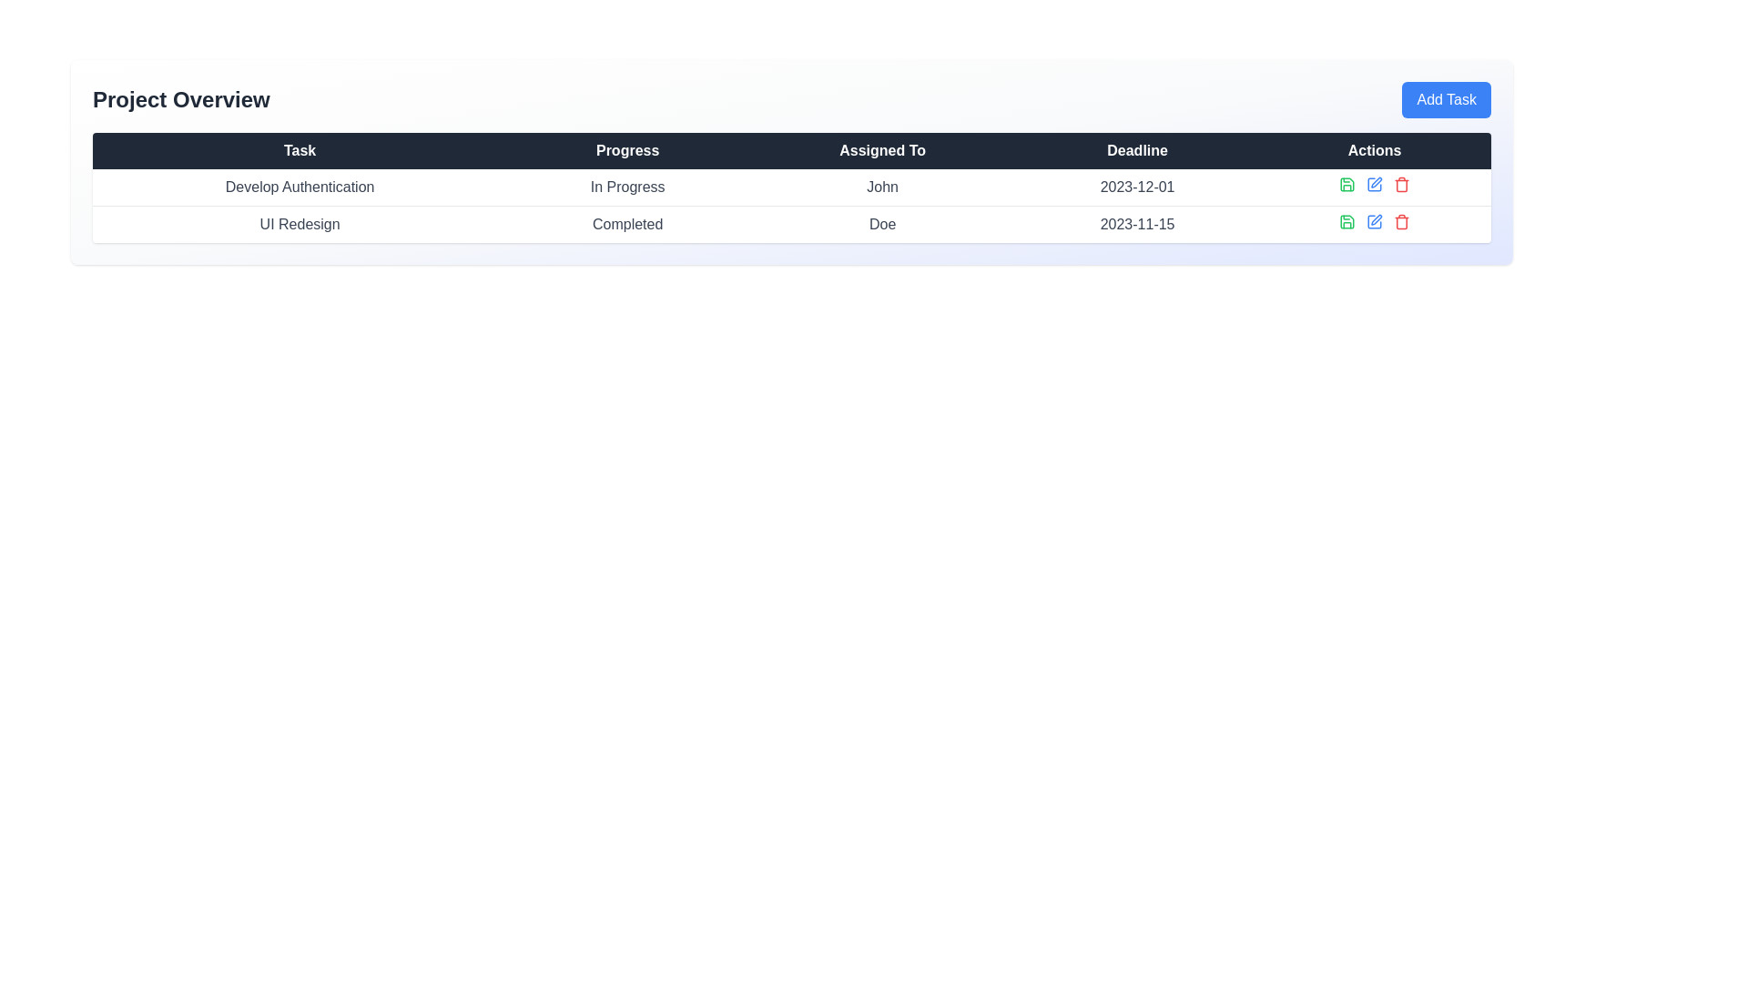 The width and height of the screenshot is (1748, 983). Describe the element at coordinates (882, 187) in the screenshot. I see `the Text label displaying the name of the individual assigned to the task in the third column of the first row of the table` at that location.